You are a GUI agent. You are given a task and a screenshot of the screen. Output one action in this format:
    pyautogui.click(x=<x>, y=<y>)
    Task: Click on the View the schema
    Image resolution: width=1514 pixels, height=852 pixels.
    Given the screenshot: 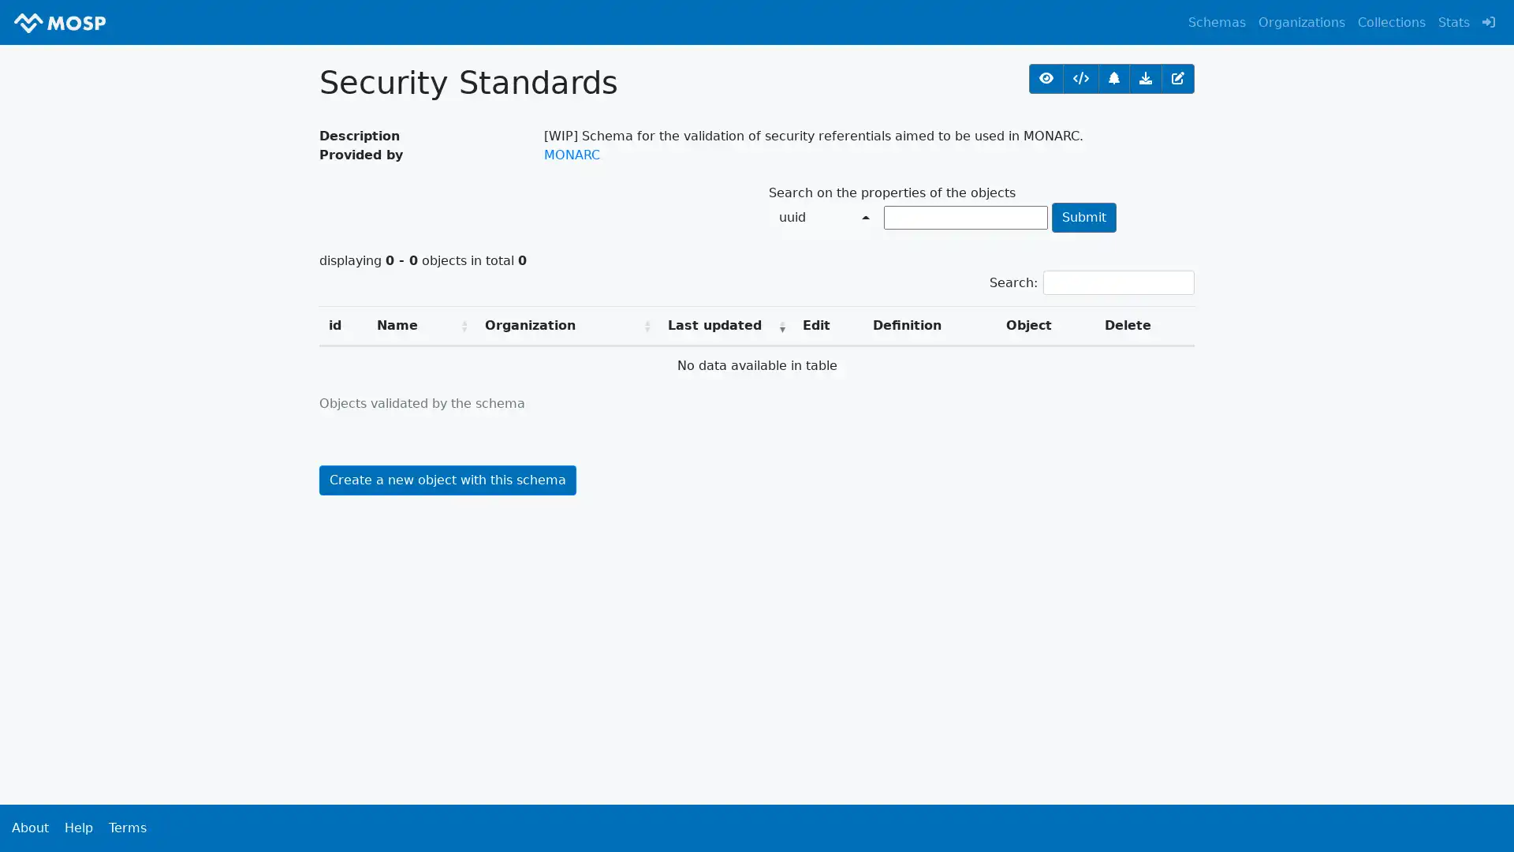 What is the action you would take?
    pyautogui.click(x=1046, y=79)
    